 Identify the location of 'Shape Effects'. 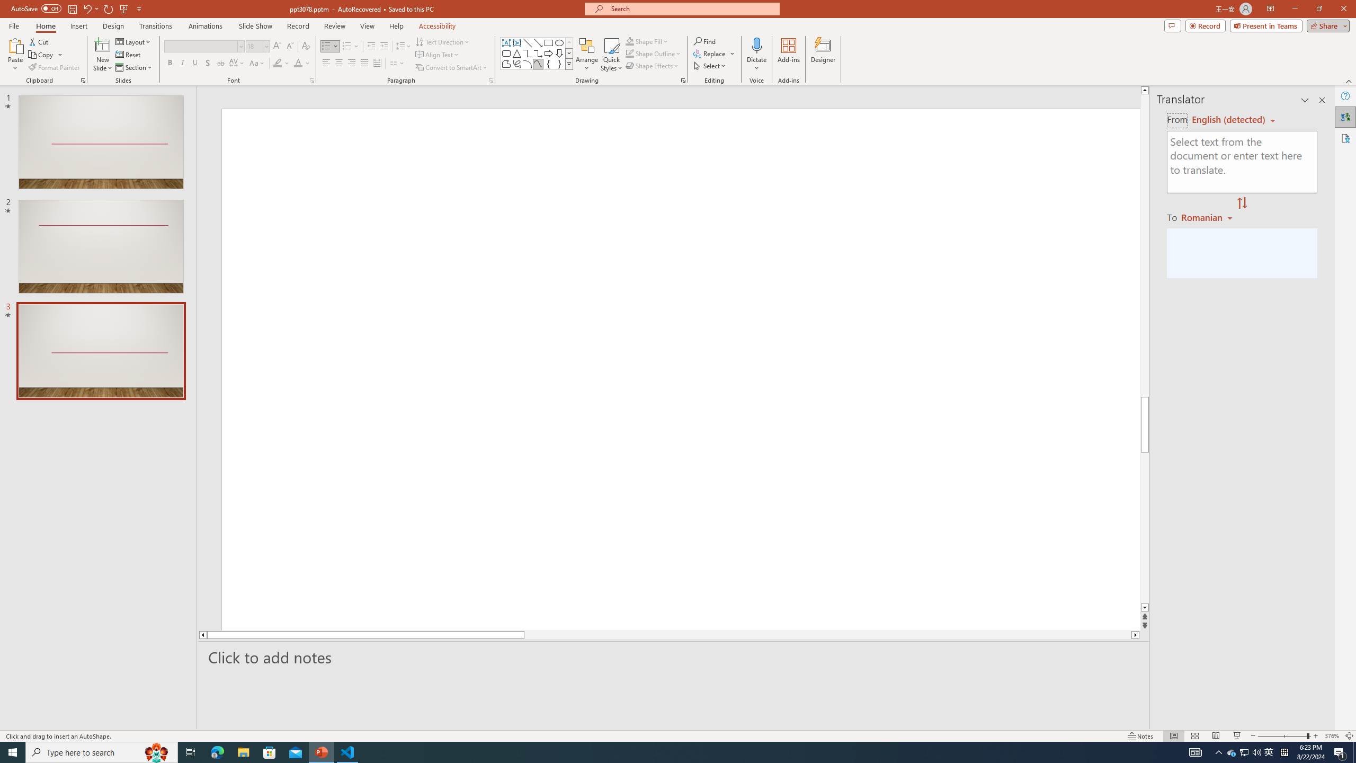
(652, 65).